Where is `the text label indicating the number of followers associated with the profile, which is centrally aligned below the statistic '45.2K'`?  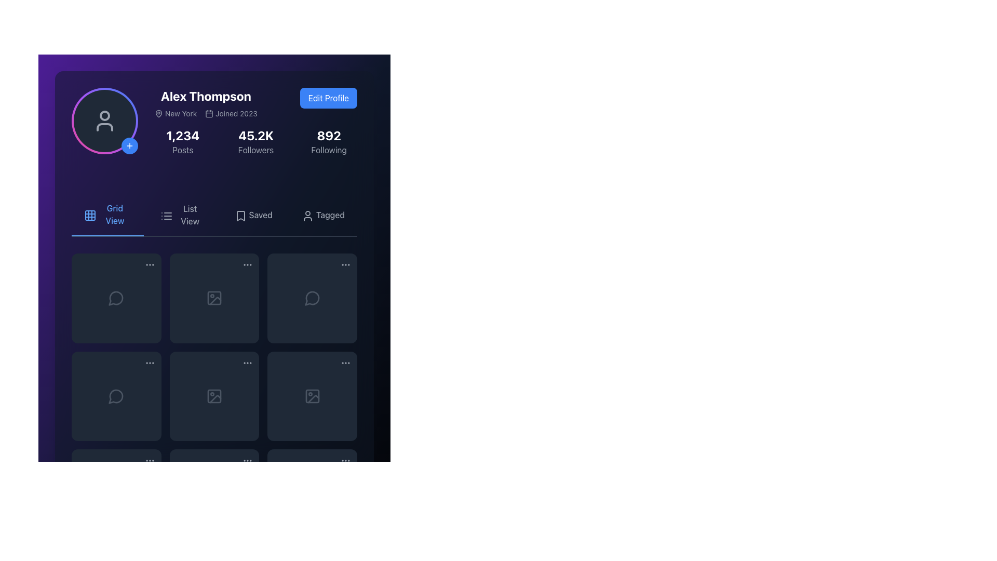 the text label indicating the number of followers associated with the profile, which is centrally aligned below the statistic '45.2K' is located at coordinates (256, 150).